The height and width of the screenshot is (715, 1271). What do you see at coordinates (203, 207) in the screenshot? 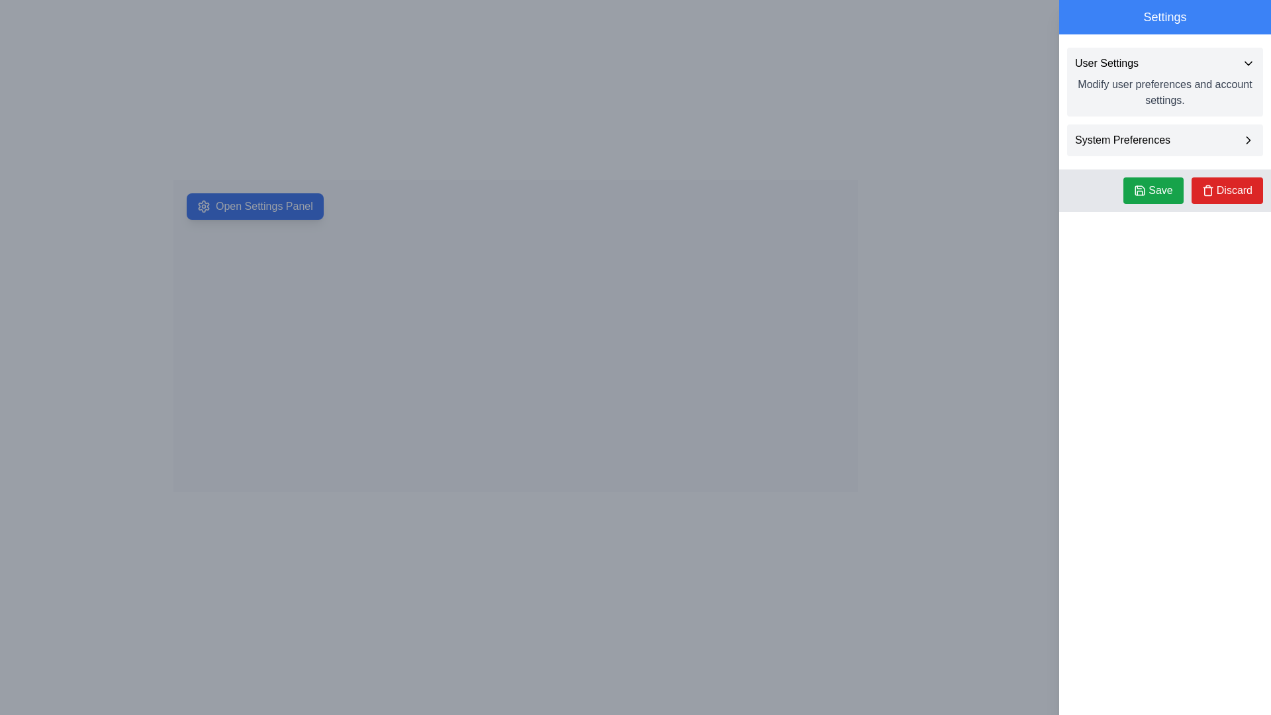
I see `the icon located to the left of the 'Open Settings Panel' button` at bounding box center [203, 207].